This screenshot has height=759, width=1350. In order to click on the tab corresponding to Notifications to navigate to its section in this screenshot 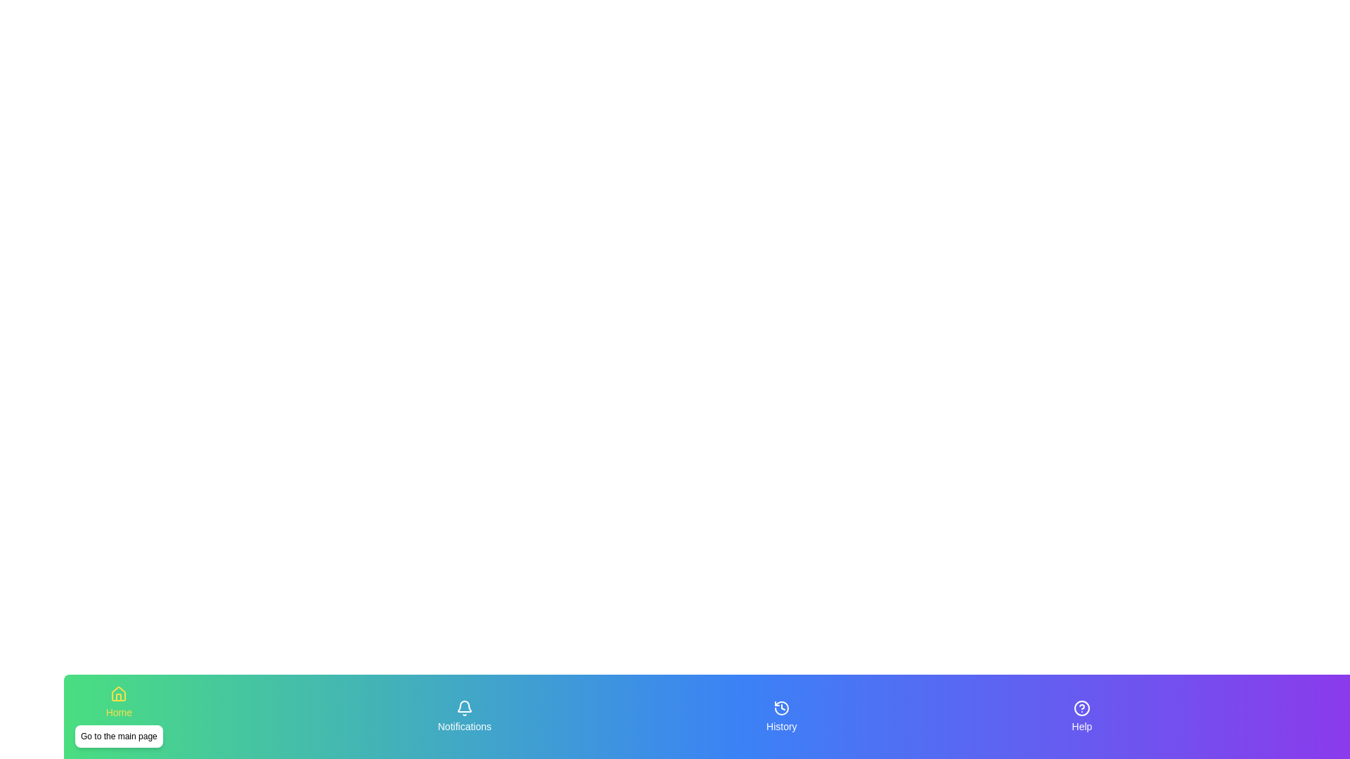, I will do `click(464, 716)`.